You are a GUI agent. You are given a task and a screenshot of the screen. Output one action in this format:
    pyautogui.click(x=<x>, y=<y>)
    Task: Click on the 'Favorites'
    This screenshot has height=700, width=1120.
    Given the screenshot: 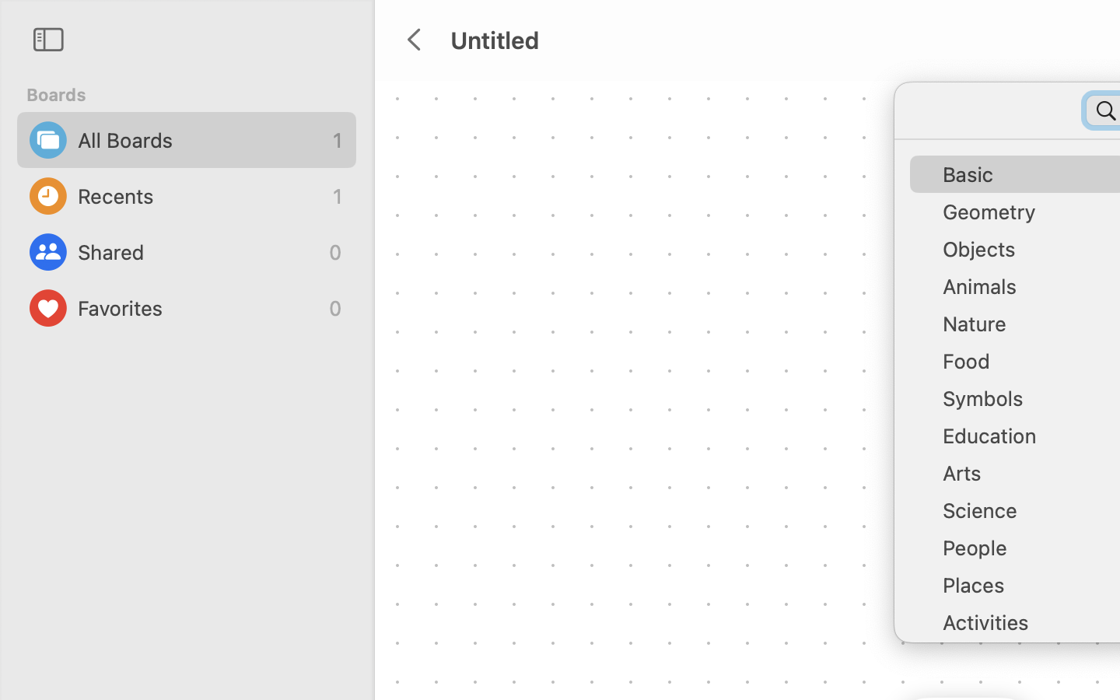 What is the action you would take?
    pyautogui.click(x=198, y=308)
    